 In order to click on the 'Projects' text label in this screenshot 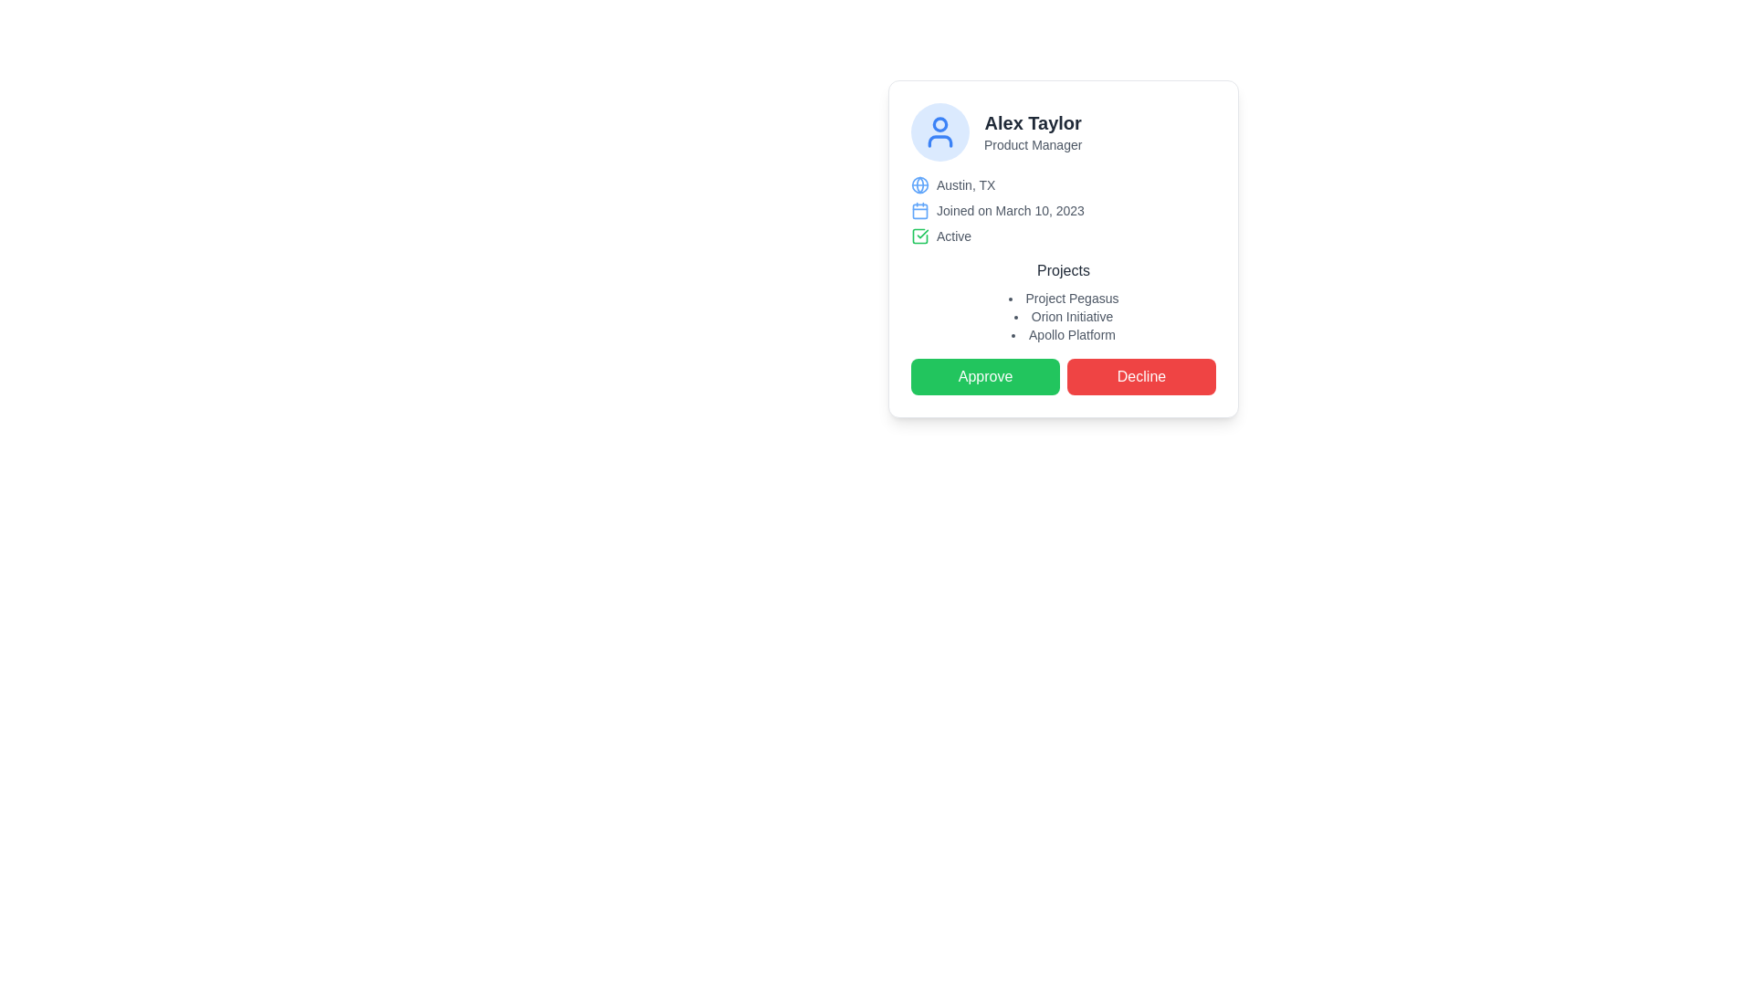, I will do `click(1064, 271)`.